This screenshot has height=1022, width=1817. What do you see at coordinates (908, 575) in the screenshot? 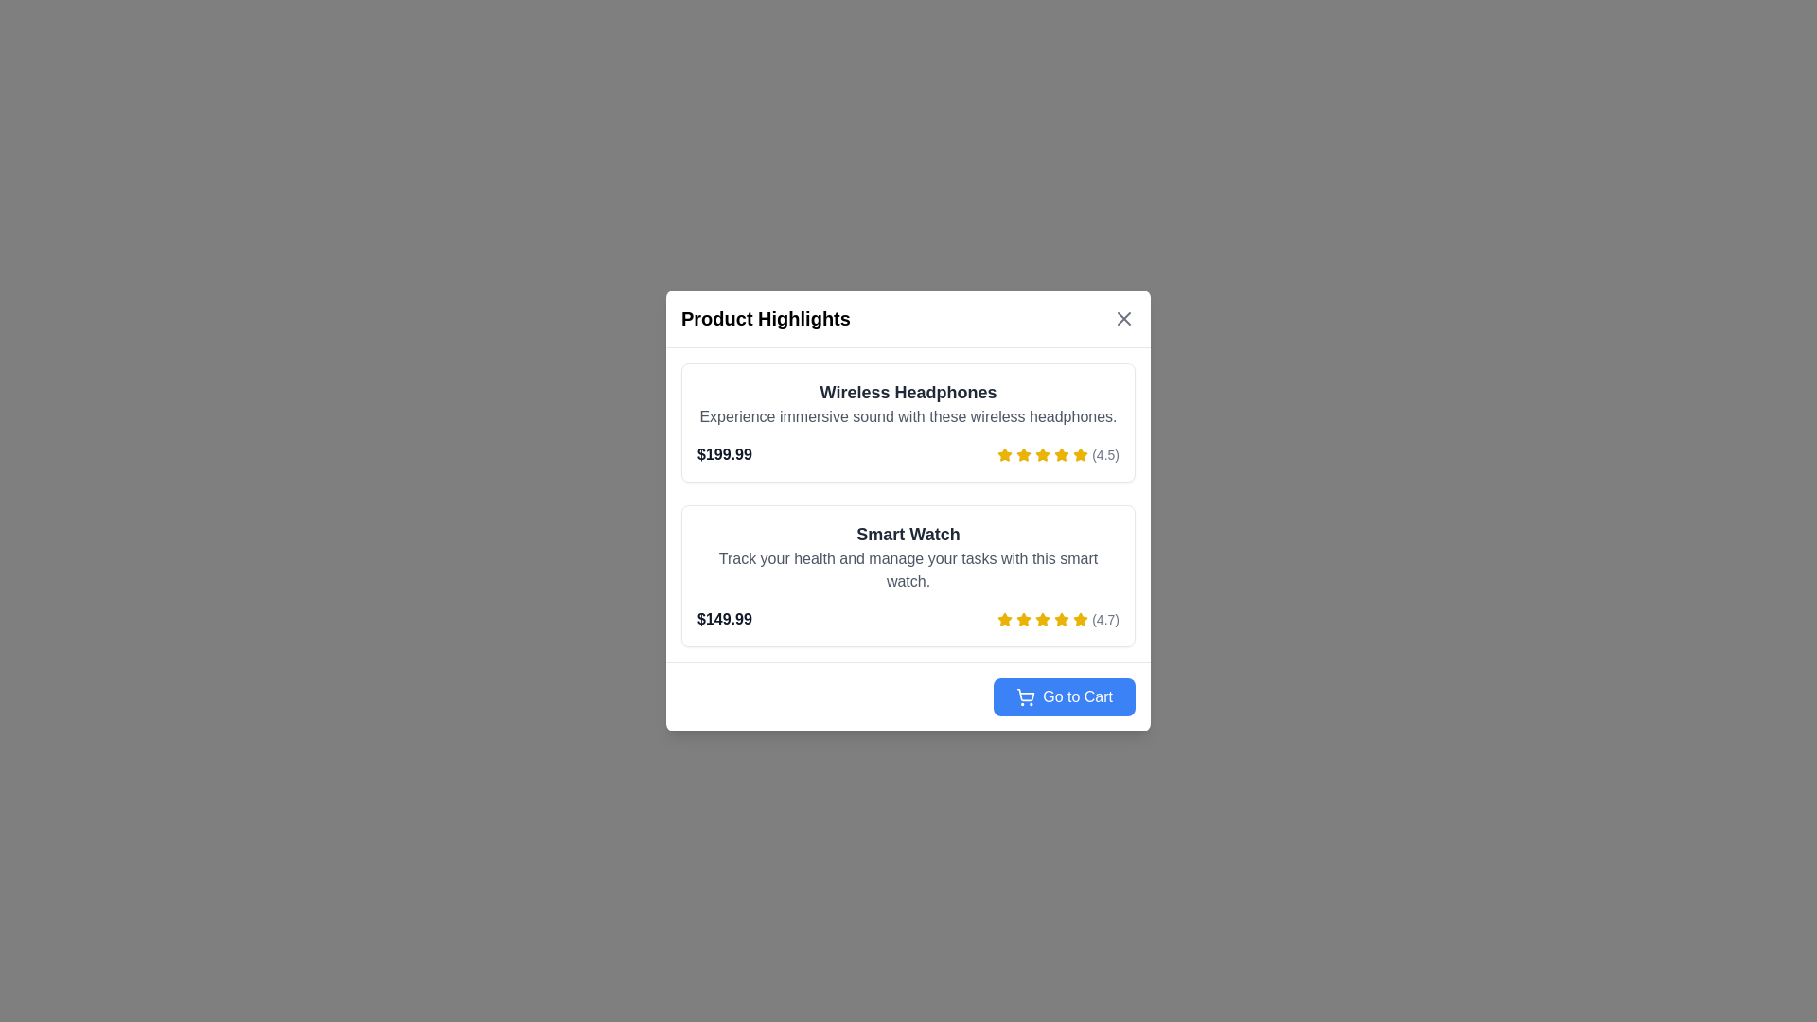
I see `the product card displaying information about the 'Smart Watch', which is located in the second position within the 'Product Highlights' section` at bounding box center [908, 575].